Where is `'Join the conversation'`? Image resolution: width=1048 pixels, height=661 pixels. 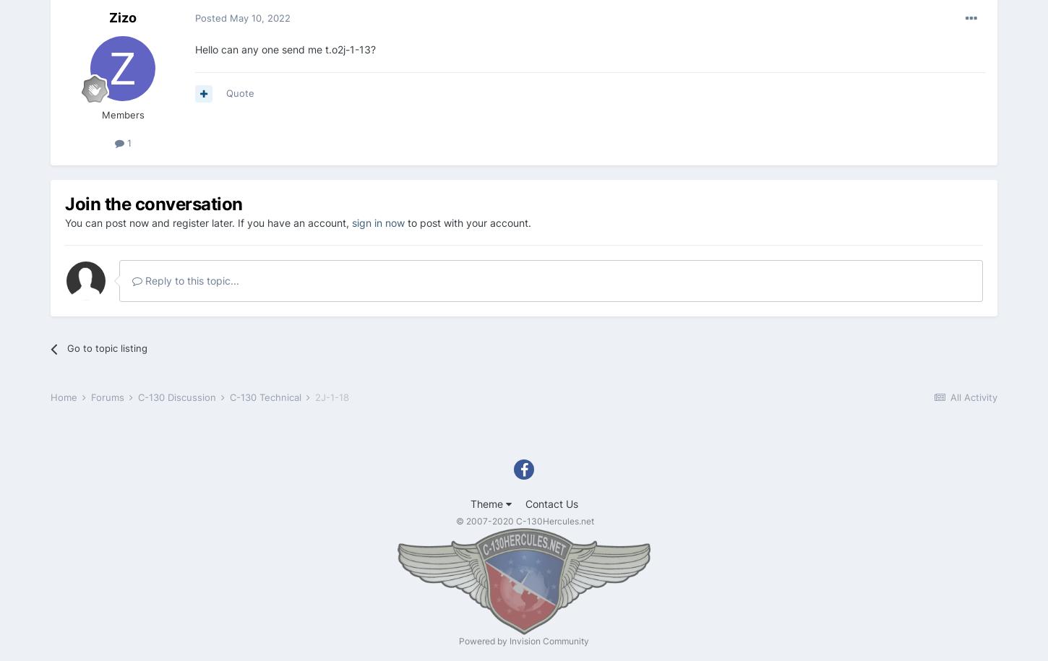
'Join the conversation' is located at coordinates (153, 203).